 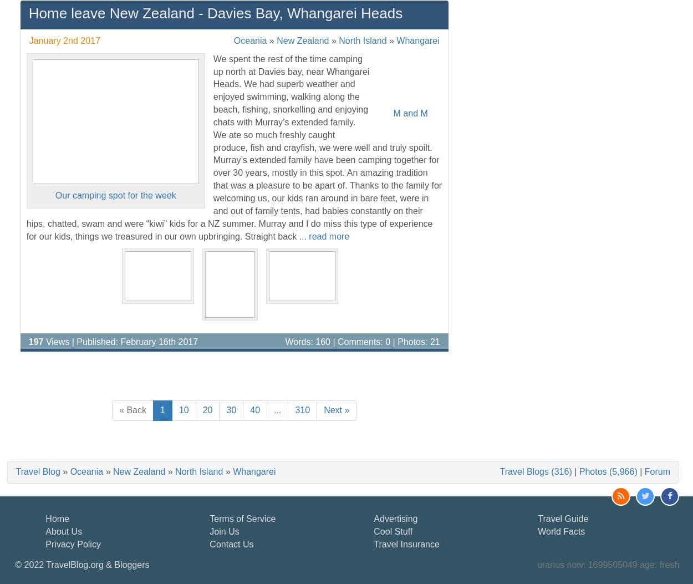 I want to click on 'Forum', so click(x=657, y=471).